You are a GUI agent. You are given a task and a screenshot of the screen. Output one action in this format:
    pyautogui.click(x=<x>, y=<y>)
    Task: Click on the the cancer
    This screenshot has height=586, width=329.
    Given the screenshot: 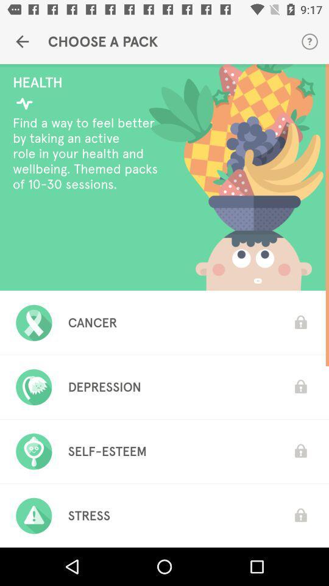 What is the action you would take?
    pyautogui.click(x=92, y=322)
    